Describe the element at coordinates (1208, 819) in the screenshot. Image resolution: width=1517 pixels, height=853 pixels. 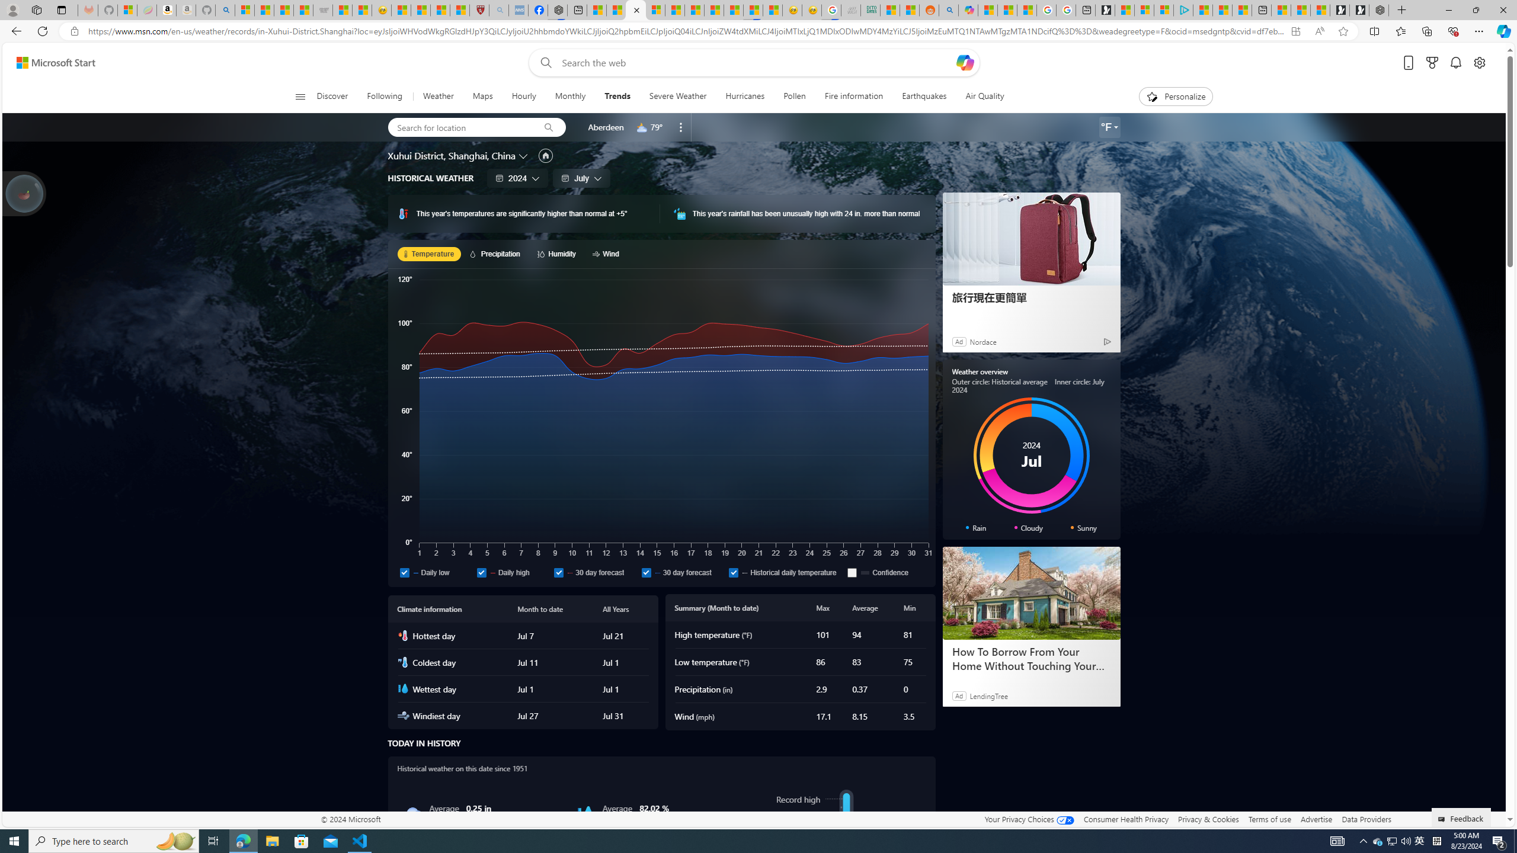
I see `'Privacy & Cookies'` at that location.